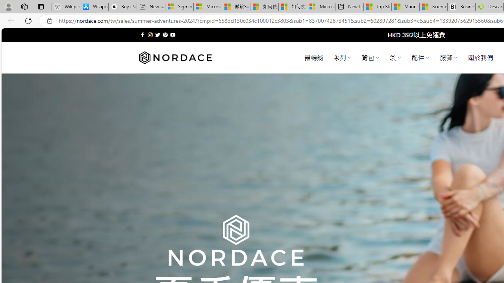 Image resolution: width=504 pixels, height=283 pixels. What do you see at coordinates (321, 7) in the screenshot?
I see `'Microsoft account | Account Checkup'` at bounding box center [321, 7].